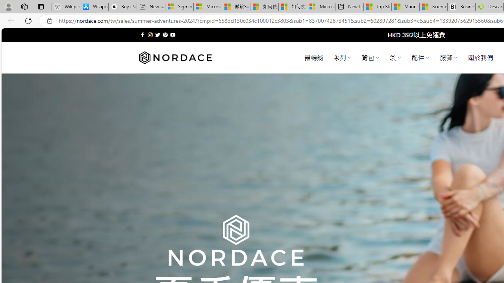 Image resolution: width=504 pixels, height=283 pixels. What do you see at coordinates (321, 7) in the screenshot?
I see `'Microsoft account | Account Checkup'` at bounding box center [321, 7].